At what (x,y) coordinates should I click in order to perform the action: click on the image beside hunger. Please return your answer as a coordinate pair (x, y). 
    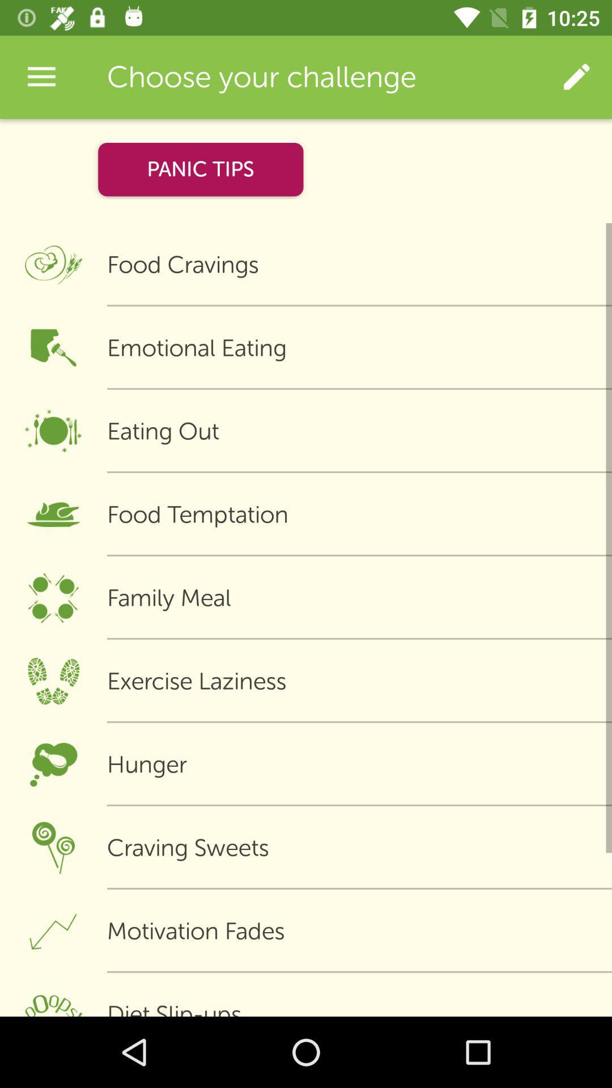
    Looking at the image, I should click on (53, 764).